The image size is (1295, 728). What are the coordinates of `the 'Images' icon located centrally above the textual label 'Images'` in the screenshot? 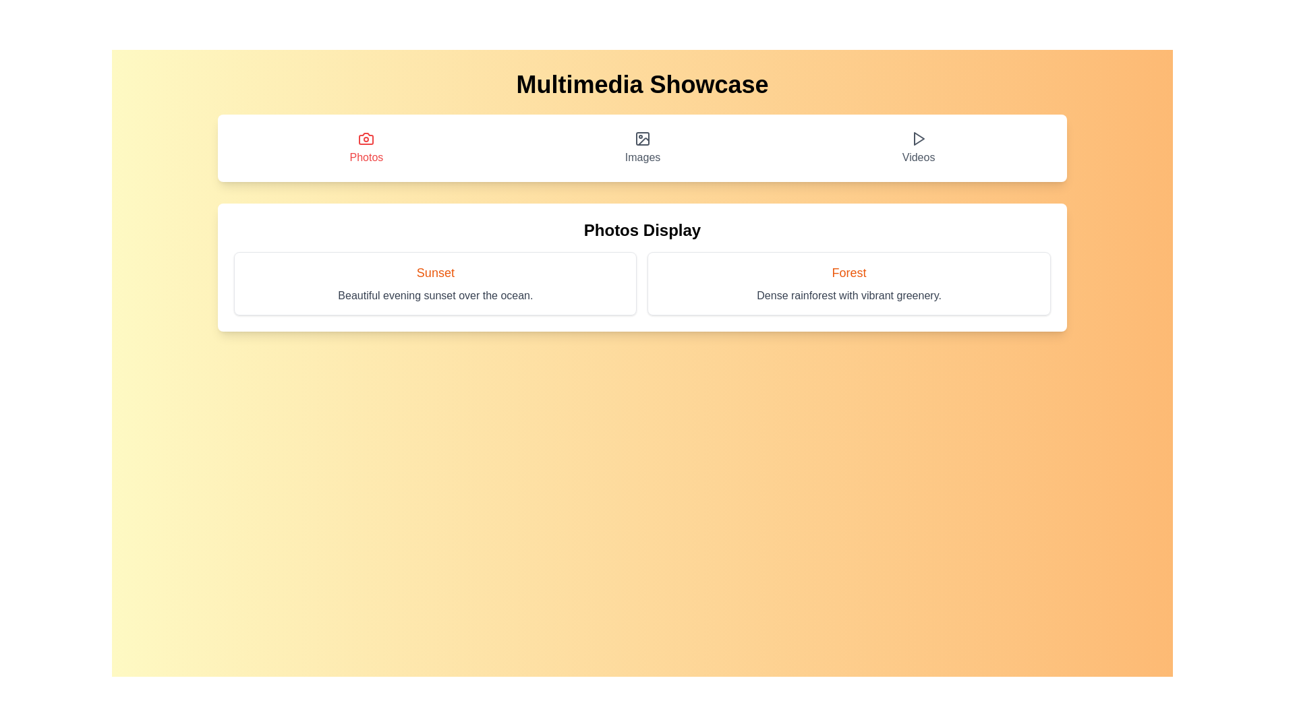 It's located at (642, 138).